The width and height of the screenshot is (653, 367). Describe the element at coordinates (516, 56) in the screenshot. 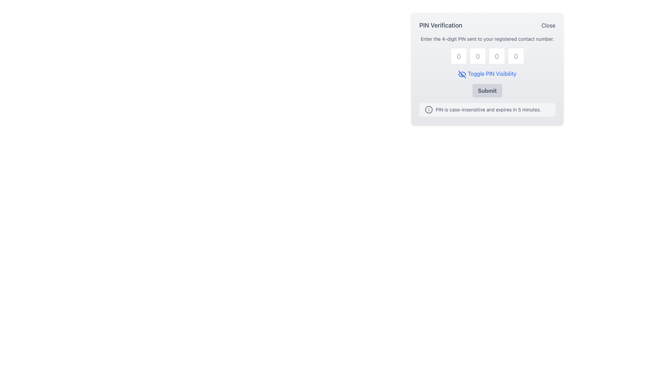

I see `the fourth text input field in the 'PIN Verification' modal to focus on it` at that location.